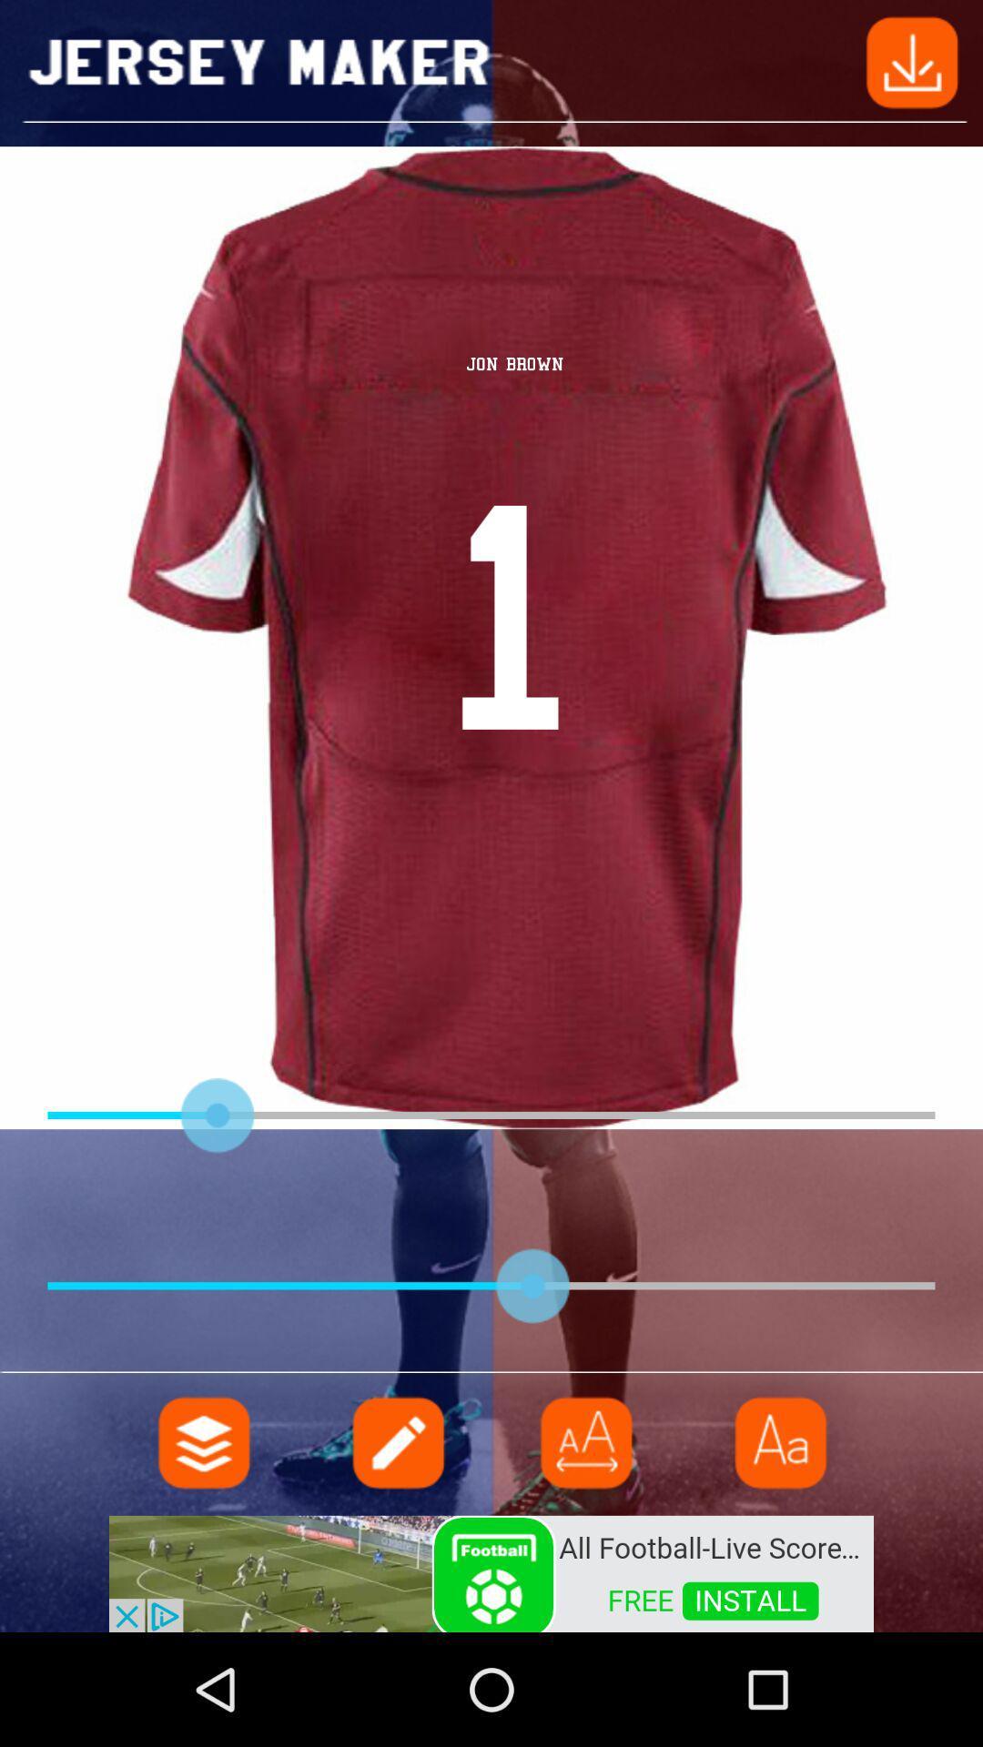 The image size is (983, 1747). I want to click on write button, so click(395, 1441).